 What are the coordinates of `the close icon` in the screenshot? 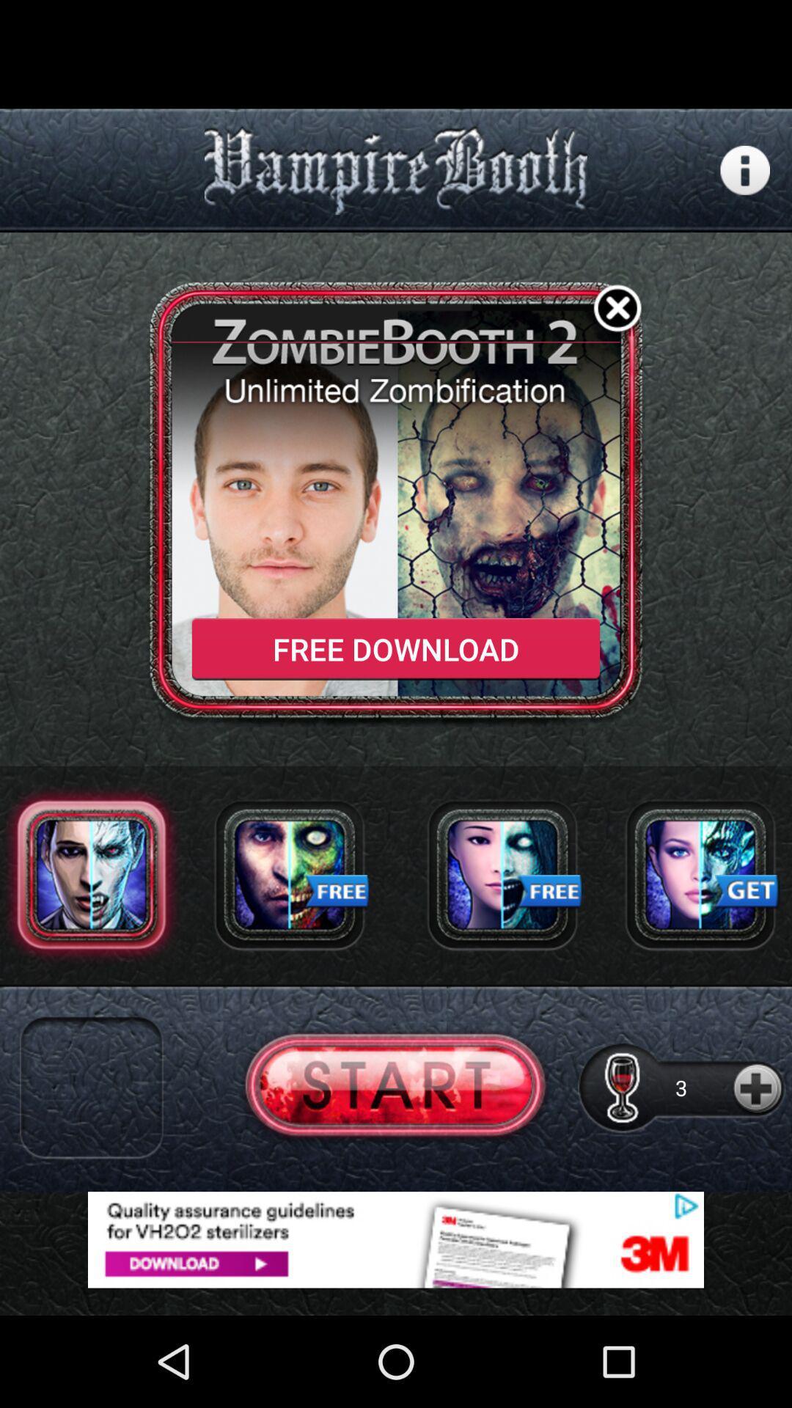 It's located at (617, 332).